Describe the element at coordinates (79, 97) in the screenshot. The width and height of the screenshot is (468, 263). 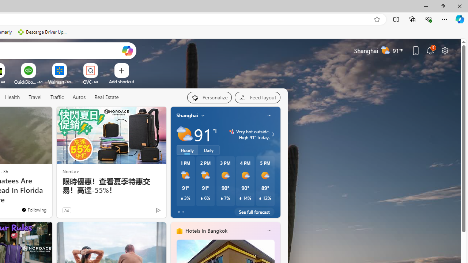
I see `'Autos'` at that location.